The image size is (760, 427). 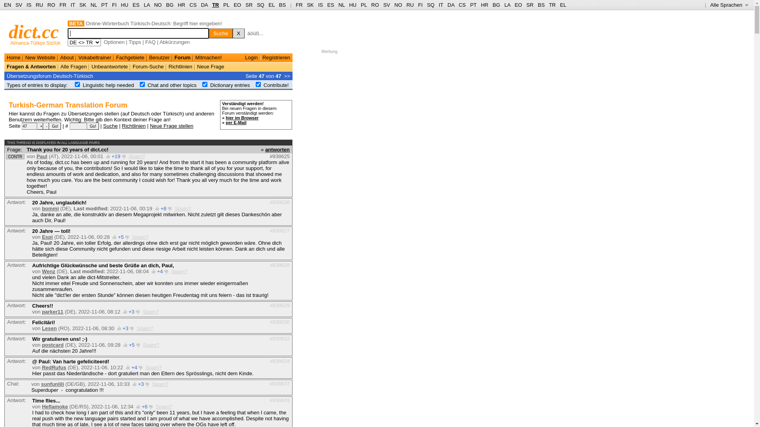 I want to click on 'HU', so click(x=124, y=5).